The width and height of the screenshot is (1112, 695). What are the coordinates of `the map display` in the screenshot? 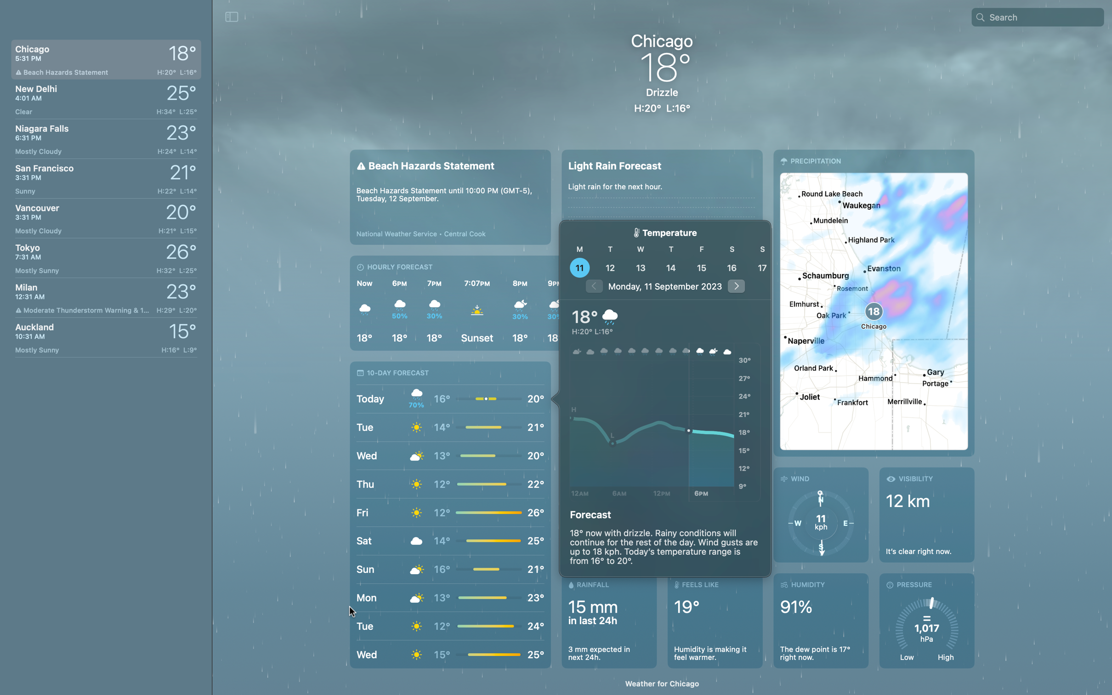 It's located at (873, 302).